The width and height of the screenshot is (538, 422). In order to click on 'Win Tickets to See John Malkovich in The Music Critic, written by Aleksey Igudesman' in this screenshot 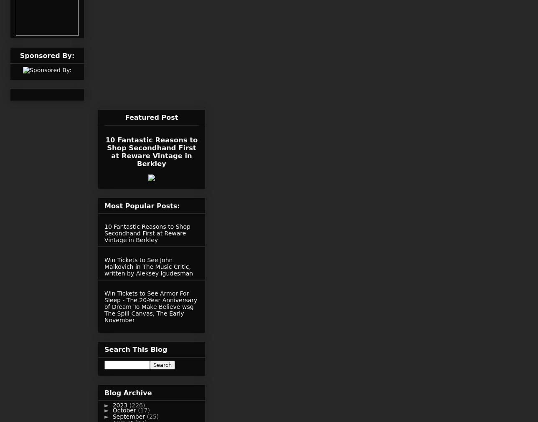, I will do `click(149, 266)`.